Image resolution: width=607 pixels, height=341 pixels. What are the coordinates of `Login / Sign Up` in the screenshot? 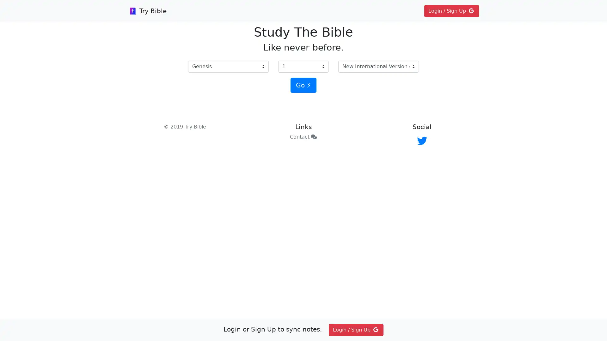 It's located at (451, 11).